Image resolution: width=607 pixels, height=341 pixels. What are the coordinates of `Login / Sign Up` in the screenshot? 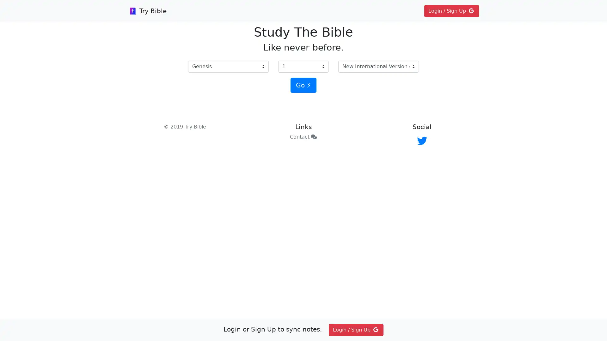 It's located at (451, 11).